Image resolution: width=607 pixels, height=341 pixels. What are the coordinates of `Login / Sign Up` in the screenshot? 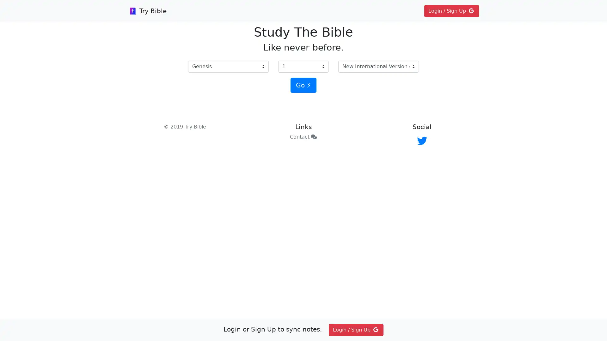 It's located at (451, 11).